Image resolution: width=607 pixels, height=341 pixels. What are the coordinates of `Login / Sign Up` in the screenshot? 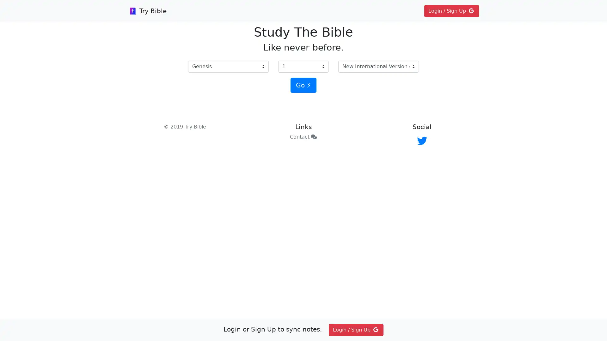 It's located at (451, 11).